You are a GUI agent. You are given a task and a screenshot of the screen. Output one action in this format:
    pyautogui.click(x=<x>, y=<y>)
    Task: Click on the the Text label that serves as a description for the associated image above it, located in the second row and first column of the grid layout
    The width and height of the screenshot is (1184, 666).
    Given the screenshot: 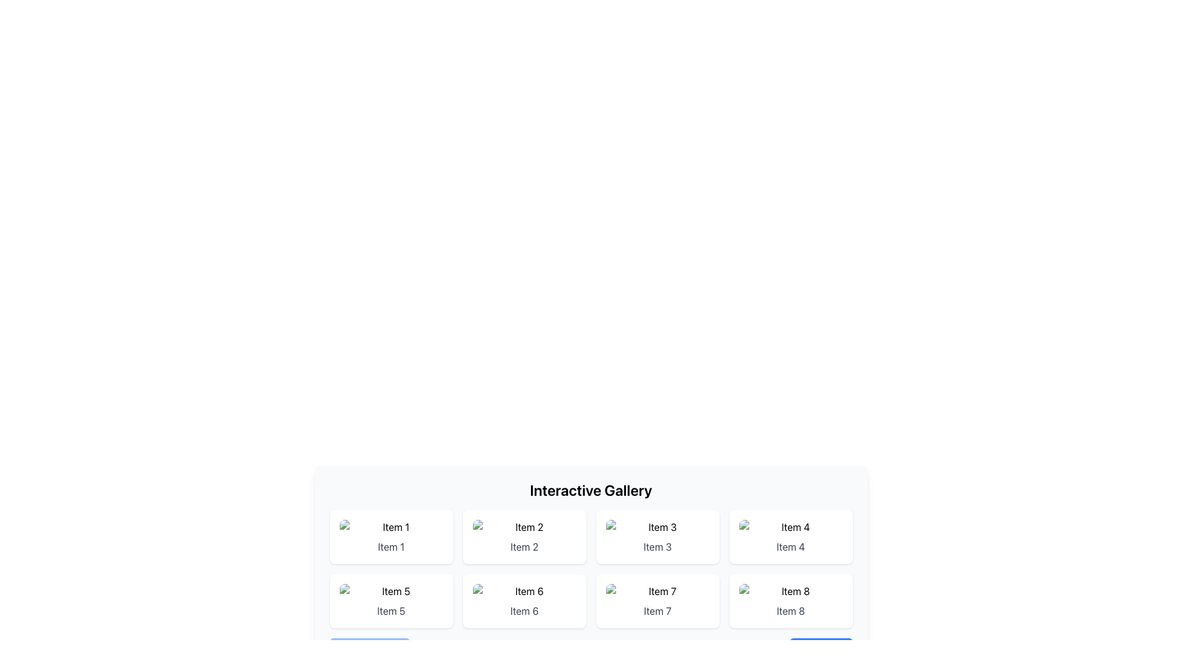 What is the action you would take?
    pyautogui.click(x=390, y=611)
    